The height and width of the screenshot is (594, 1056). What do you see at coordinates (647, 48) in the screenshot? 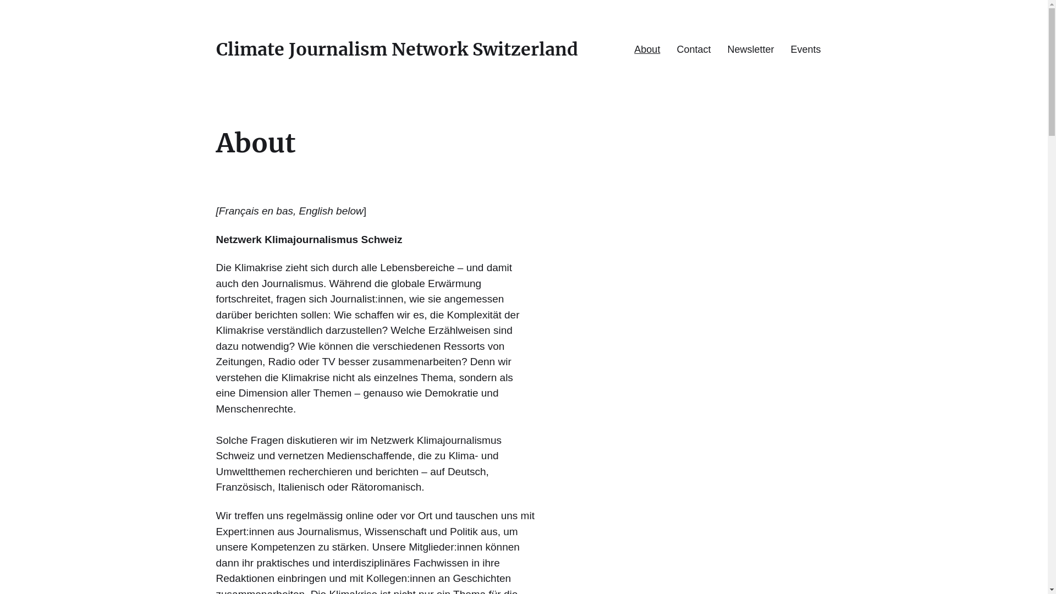
I see `'About'` at bounding box center [647, 48].